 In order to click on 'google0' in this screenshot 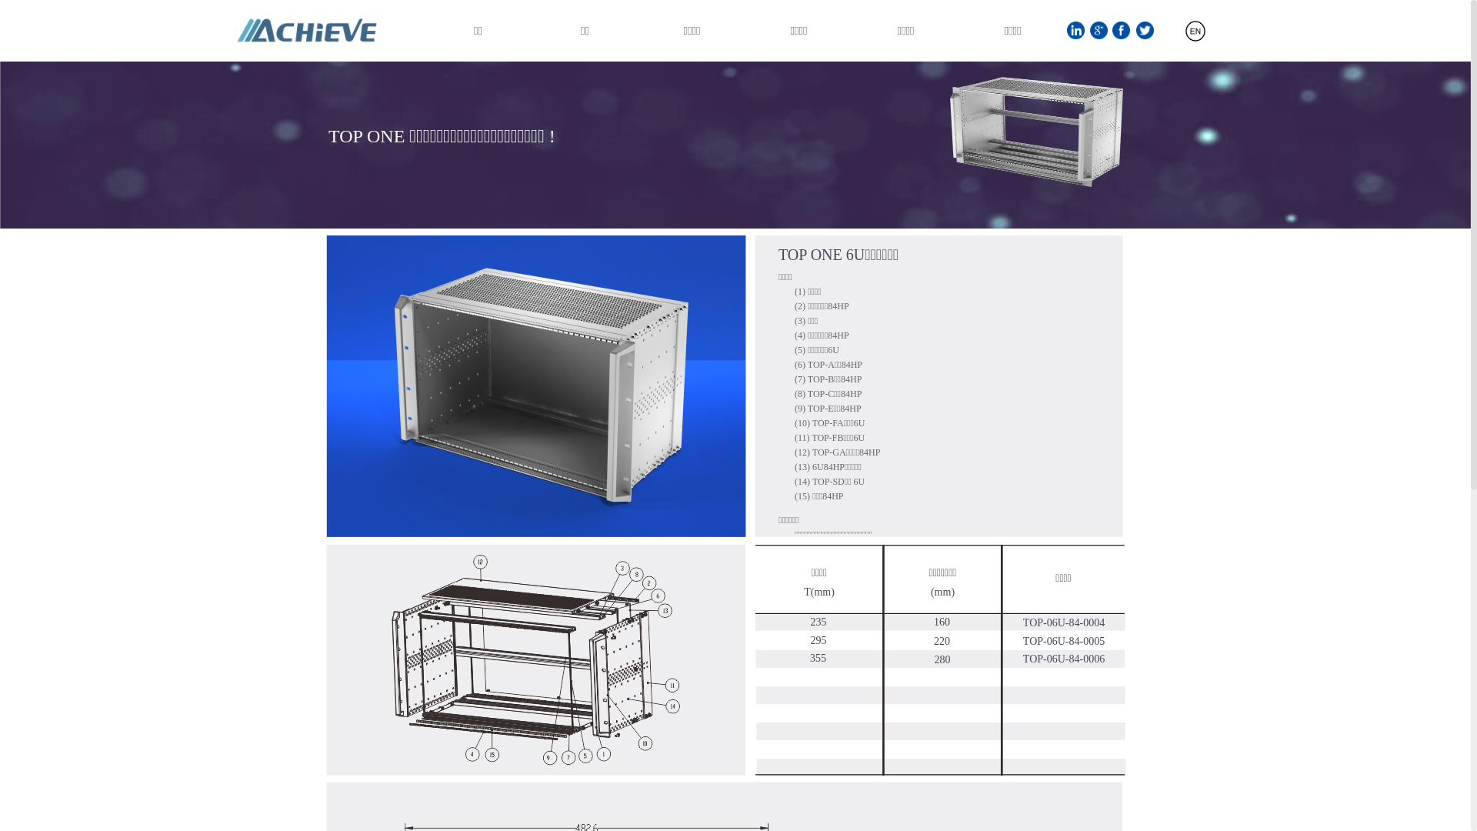, I will do `click(1098, 30)`.